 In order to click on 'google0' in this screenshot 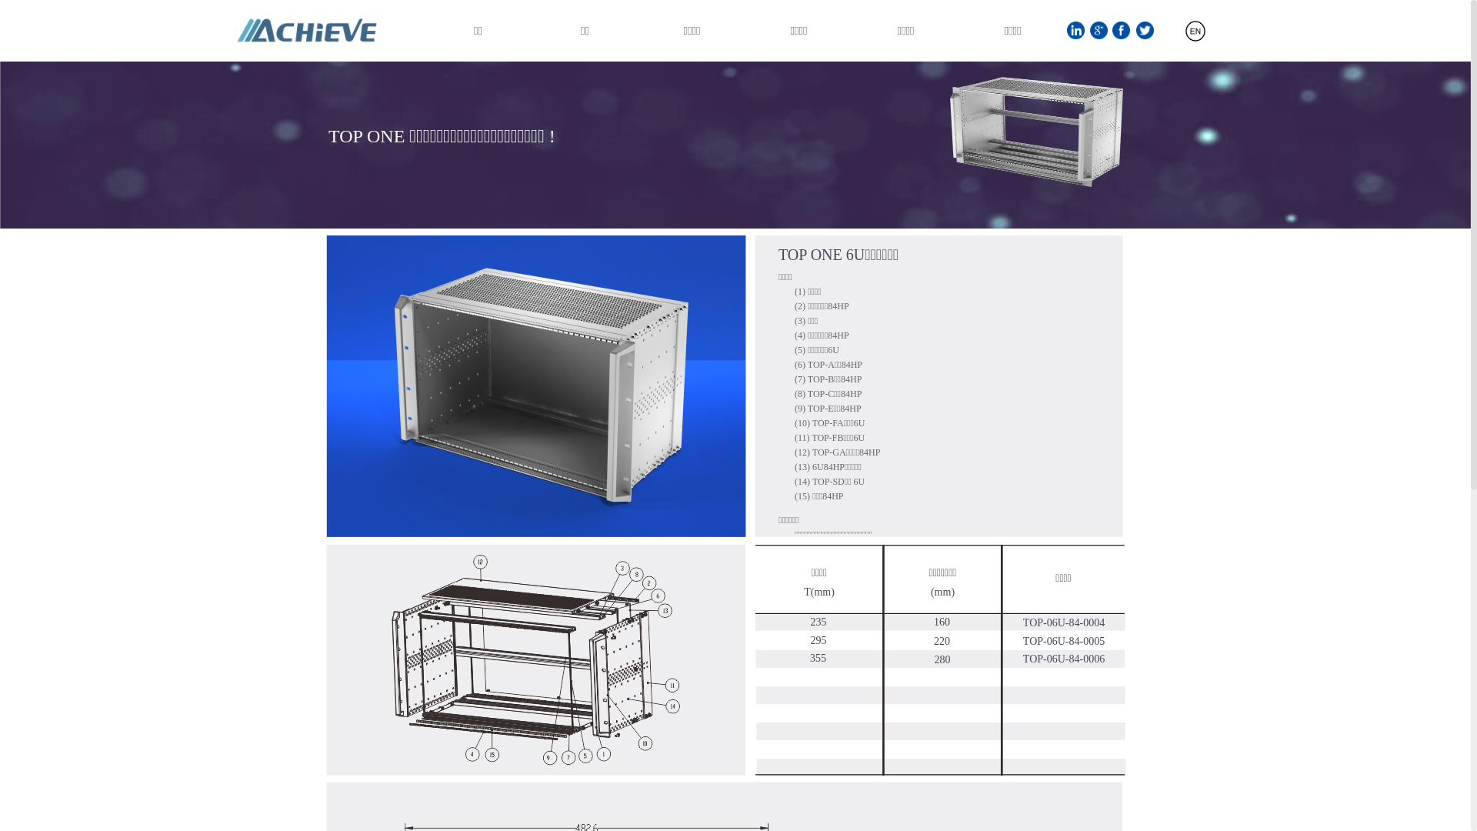, I will do `click(1098, 30)`.